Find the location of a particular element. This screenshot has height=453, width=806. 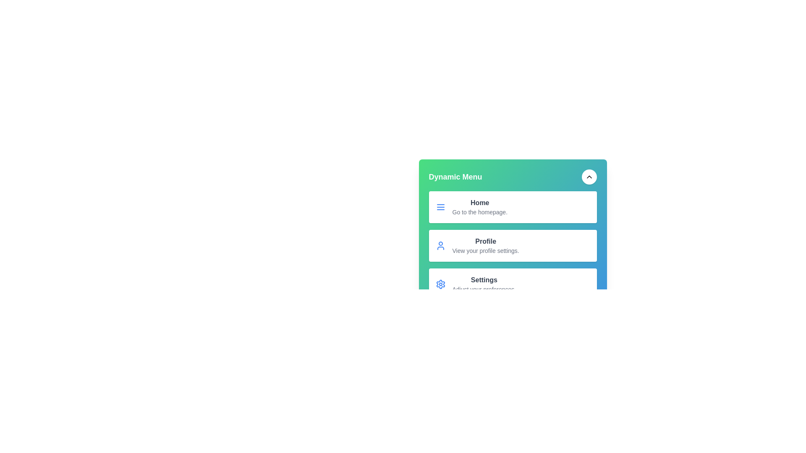

the 'Profile' menu item, which is the second option in the vertically-stacked menu is located at coordinates (512, 265).